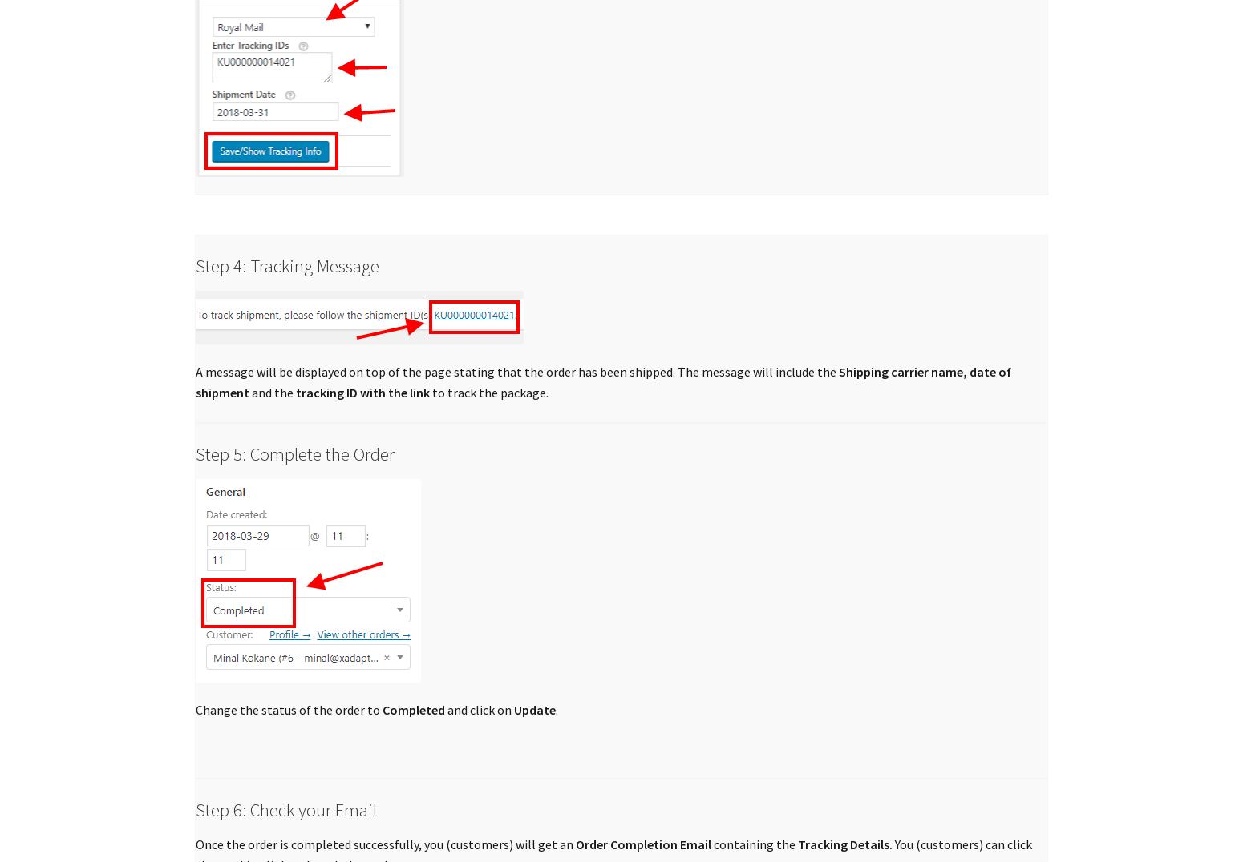 The image size is (1243, 862). What do you see at coordinates (642, 844) in the screenshot?
I see `'Order Completion Email'` at bounding box center [642, 844].